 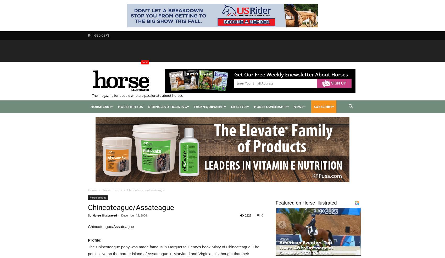 What do you see at coordinates (167, 57) in the screenshot?
I see `'Contact Us'` at bounding box center [167, 57].